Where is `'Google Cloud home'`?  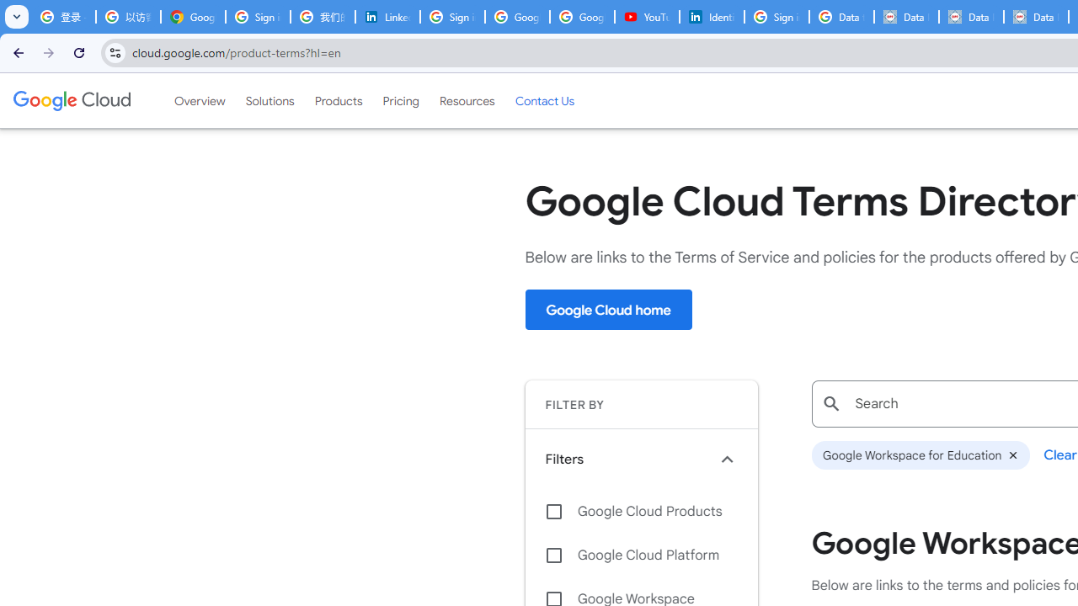
'Google Cloud home' is located at coordinates (607, 309).